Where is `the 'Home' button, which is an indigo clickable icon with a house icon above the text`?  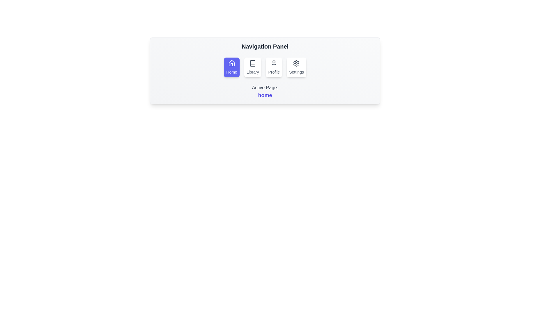 the 'Home' button, which is an indigo clickable icon with a house icon above the text is located at coordinates (231, 67).